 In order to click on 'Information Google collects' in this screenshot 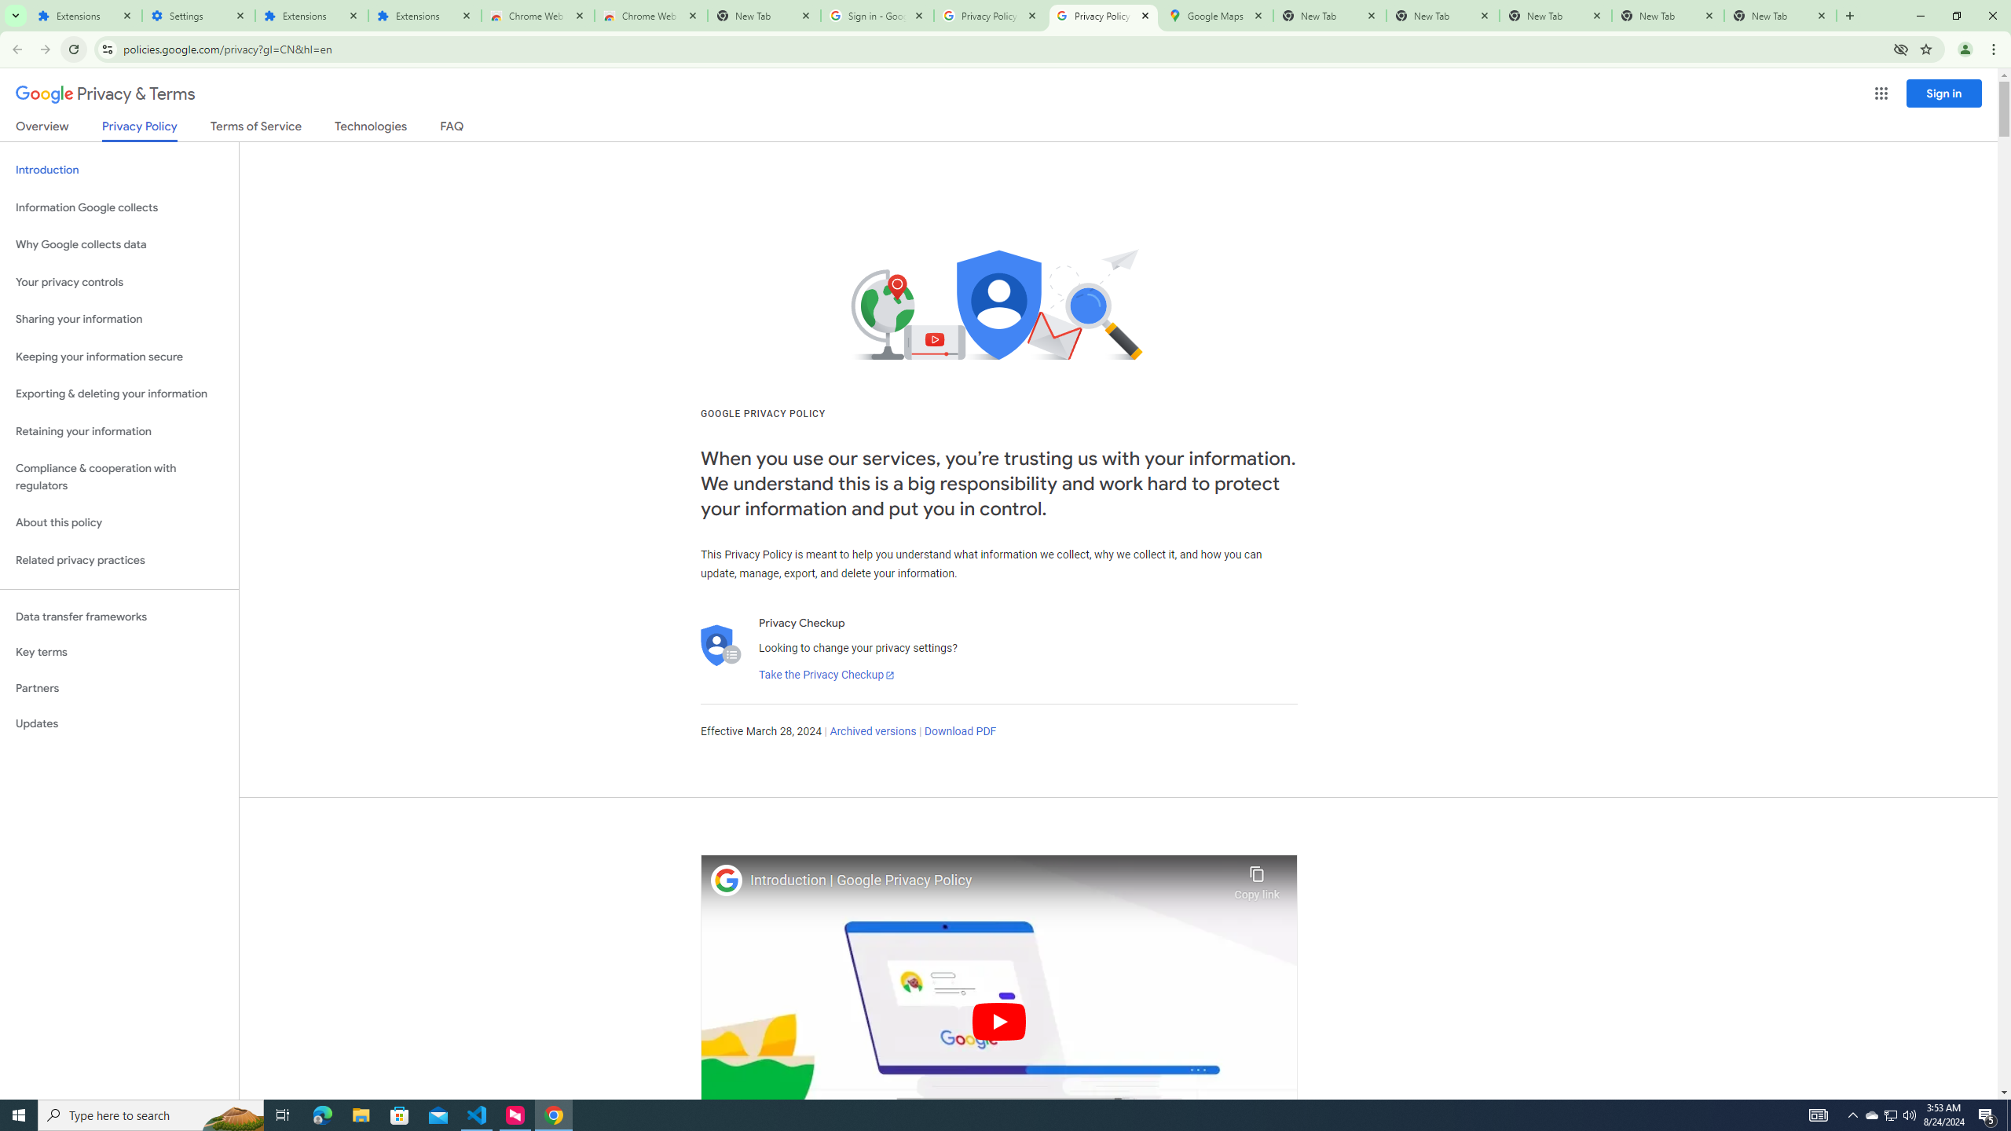, I will do `click(119, 207)`.